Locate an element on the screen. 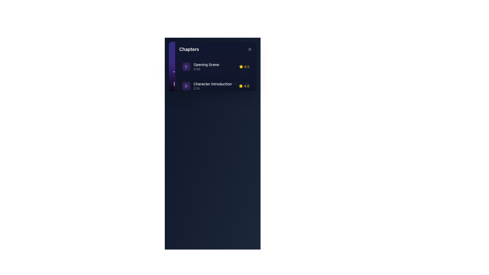  the star icon that indicates the rating score for the 'Character Introduction' chapter, located to the left of the numeric rating '4.8' is located at coordinates (241, 86).